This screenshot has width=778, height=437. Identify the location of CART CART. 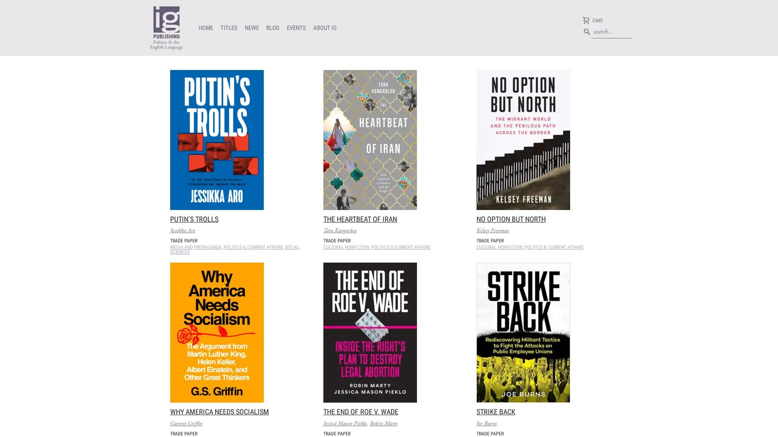
(592, 21).